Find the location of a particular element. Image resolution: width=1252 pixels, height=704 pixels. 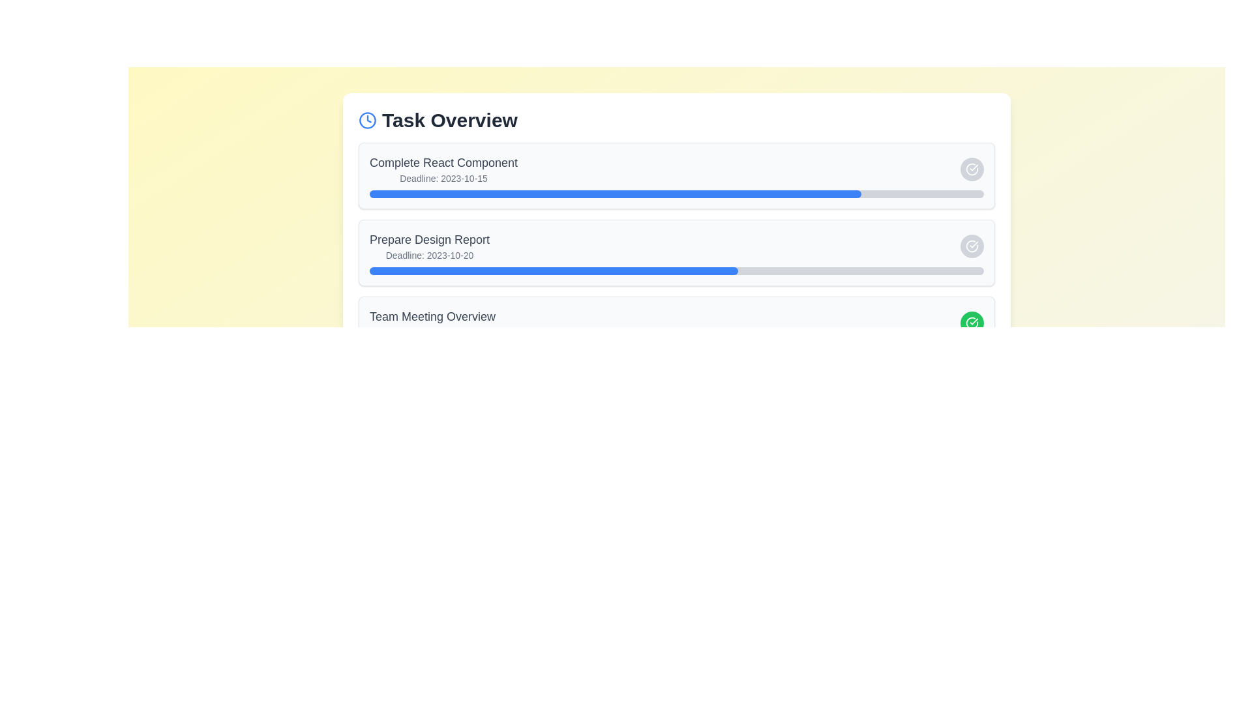

the green button of the third task item in the vertically stacked list to mark it as complete is located at coordinates (676, 323).